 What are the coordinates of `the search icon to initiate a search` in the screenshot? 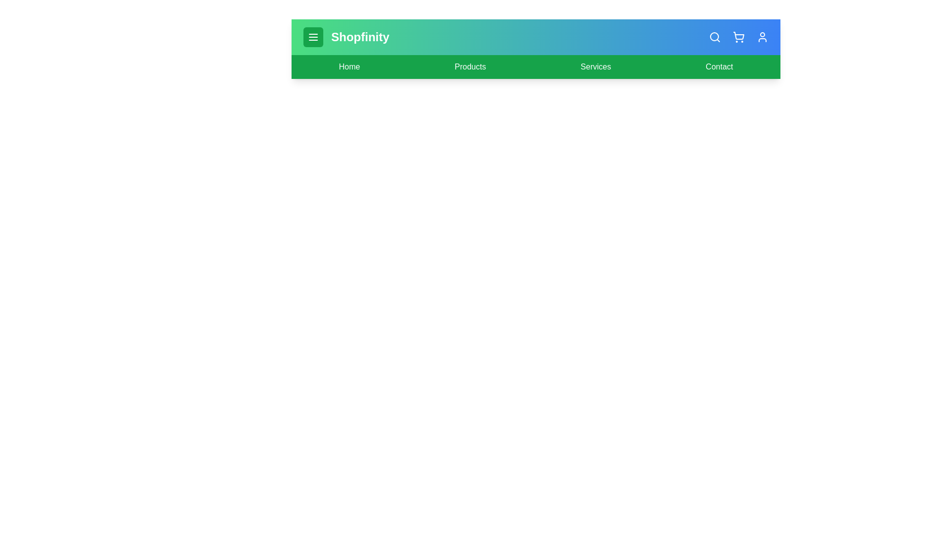 It's located at (714, 36).